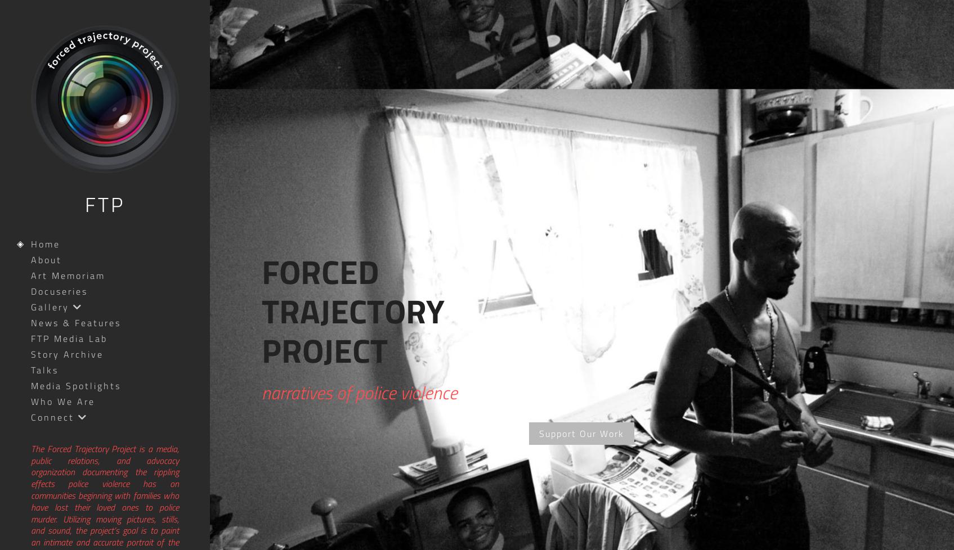 The width and height of the screenshot is (954, 550). What do you see at coordinates (75, 385) in the screenshot?
I see `'Media Spotlights'` at bounding box center [75, 385].